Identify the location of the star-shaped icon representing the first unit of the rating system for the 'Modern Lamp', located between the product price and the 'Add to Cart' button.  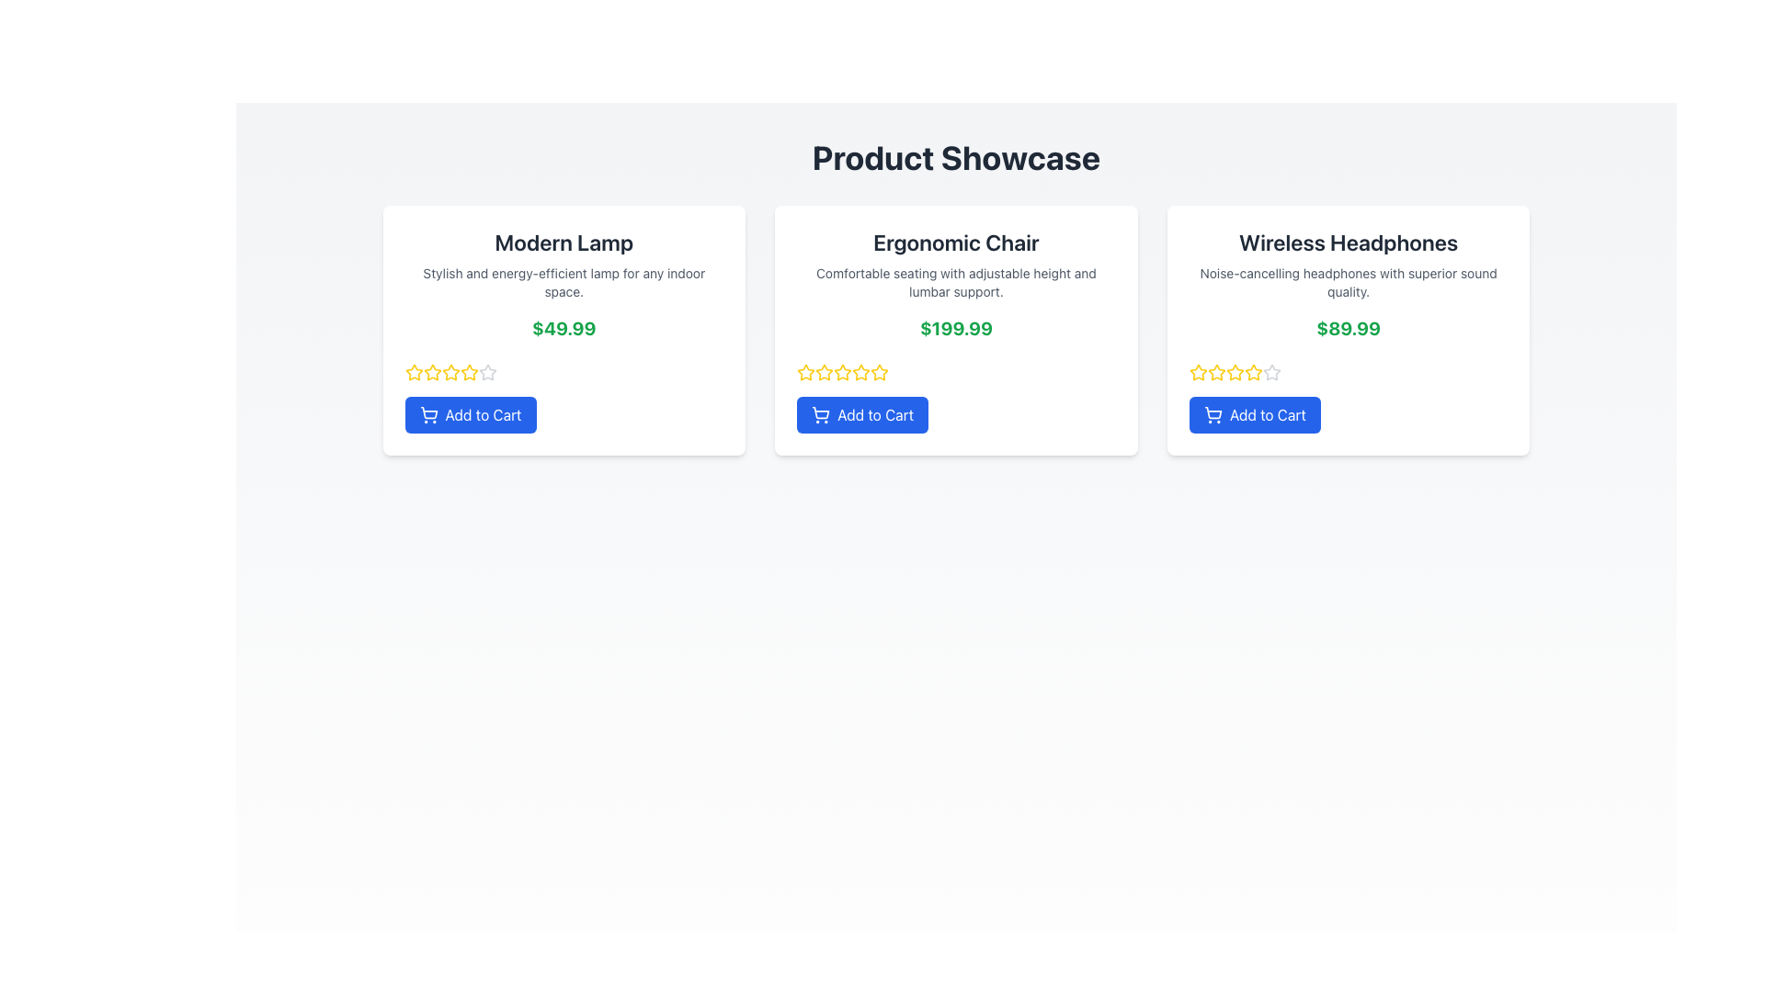
(806, 372).